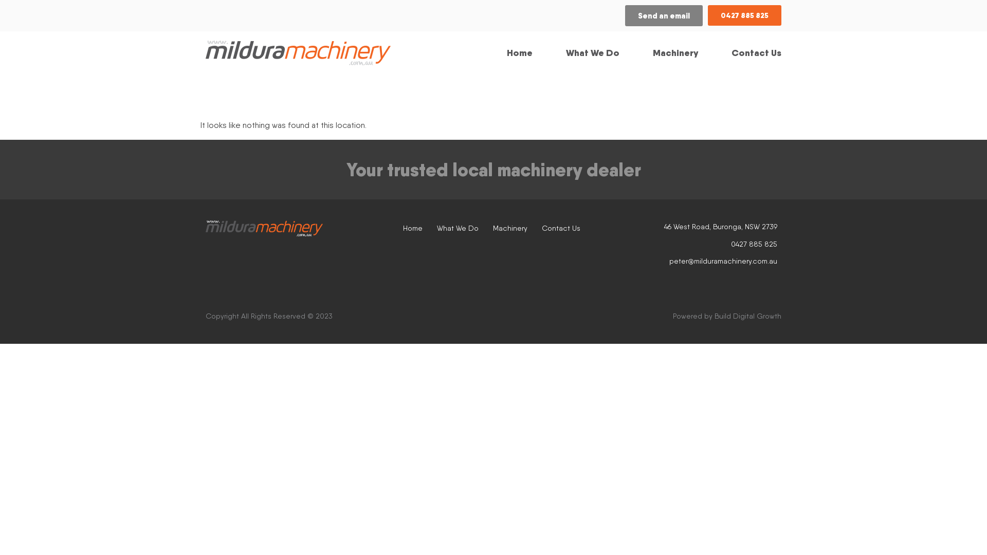  I want to click on 'Send an email', so click(664, 15).